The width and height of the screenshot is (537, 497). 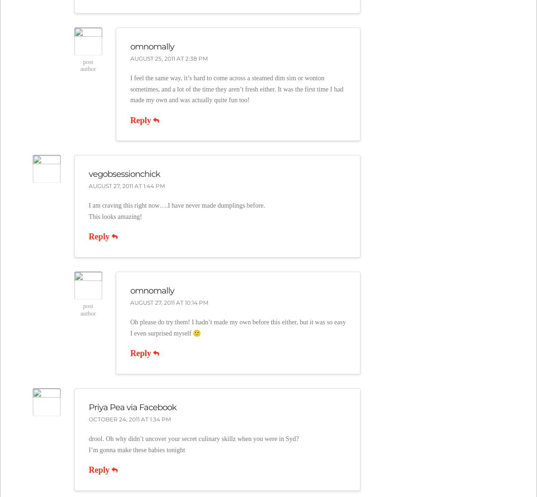 I want to click on 'Oh please do try them! I hadn’t made my own before this either, but it was so easy I even surprised myself 🙂', so click(x=237, y=328).